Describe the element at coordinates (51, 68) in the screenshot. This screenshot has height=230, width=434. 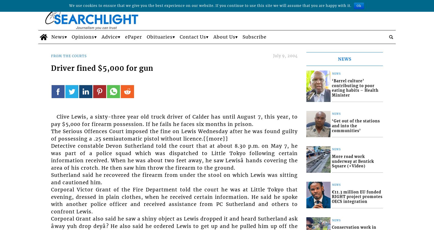
I see `'Driver fined $5,000 for gun'` at that location.